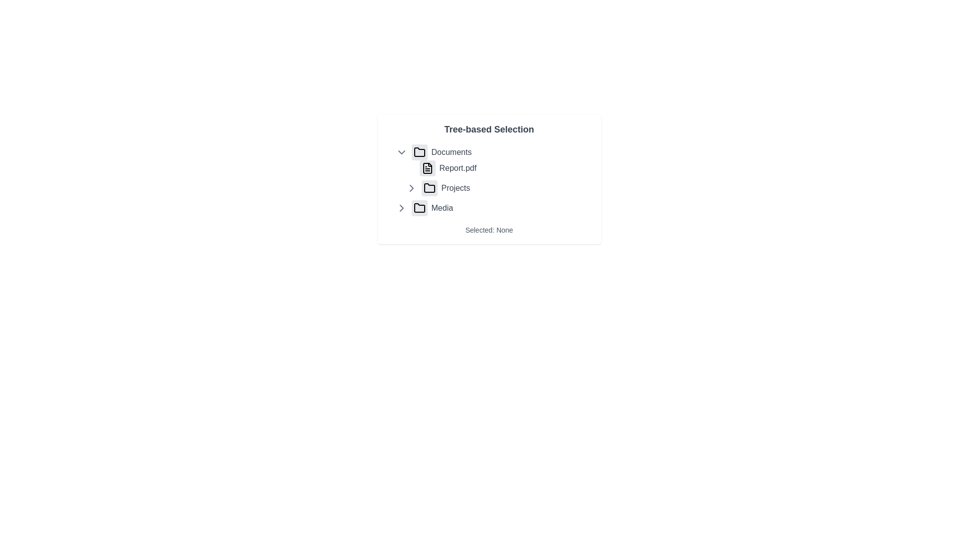 The image size is (957, 538). Describe the element at coordinates (455, 188) in the screenshot. I see `the text label that displays the name of the folder or project in the file tree structure interface, positioned to the right of the folder icon` at that location.